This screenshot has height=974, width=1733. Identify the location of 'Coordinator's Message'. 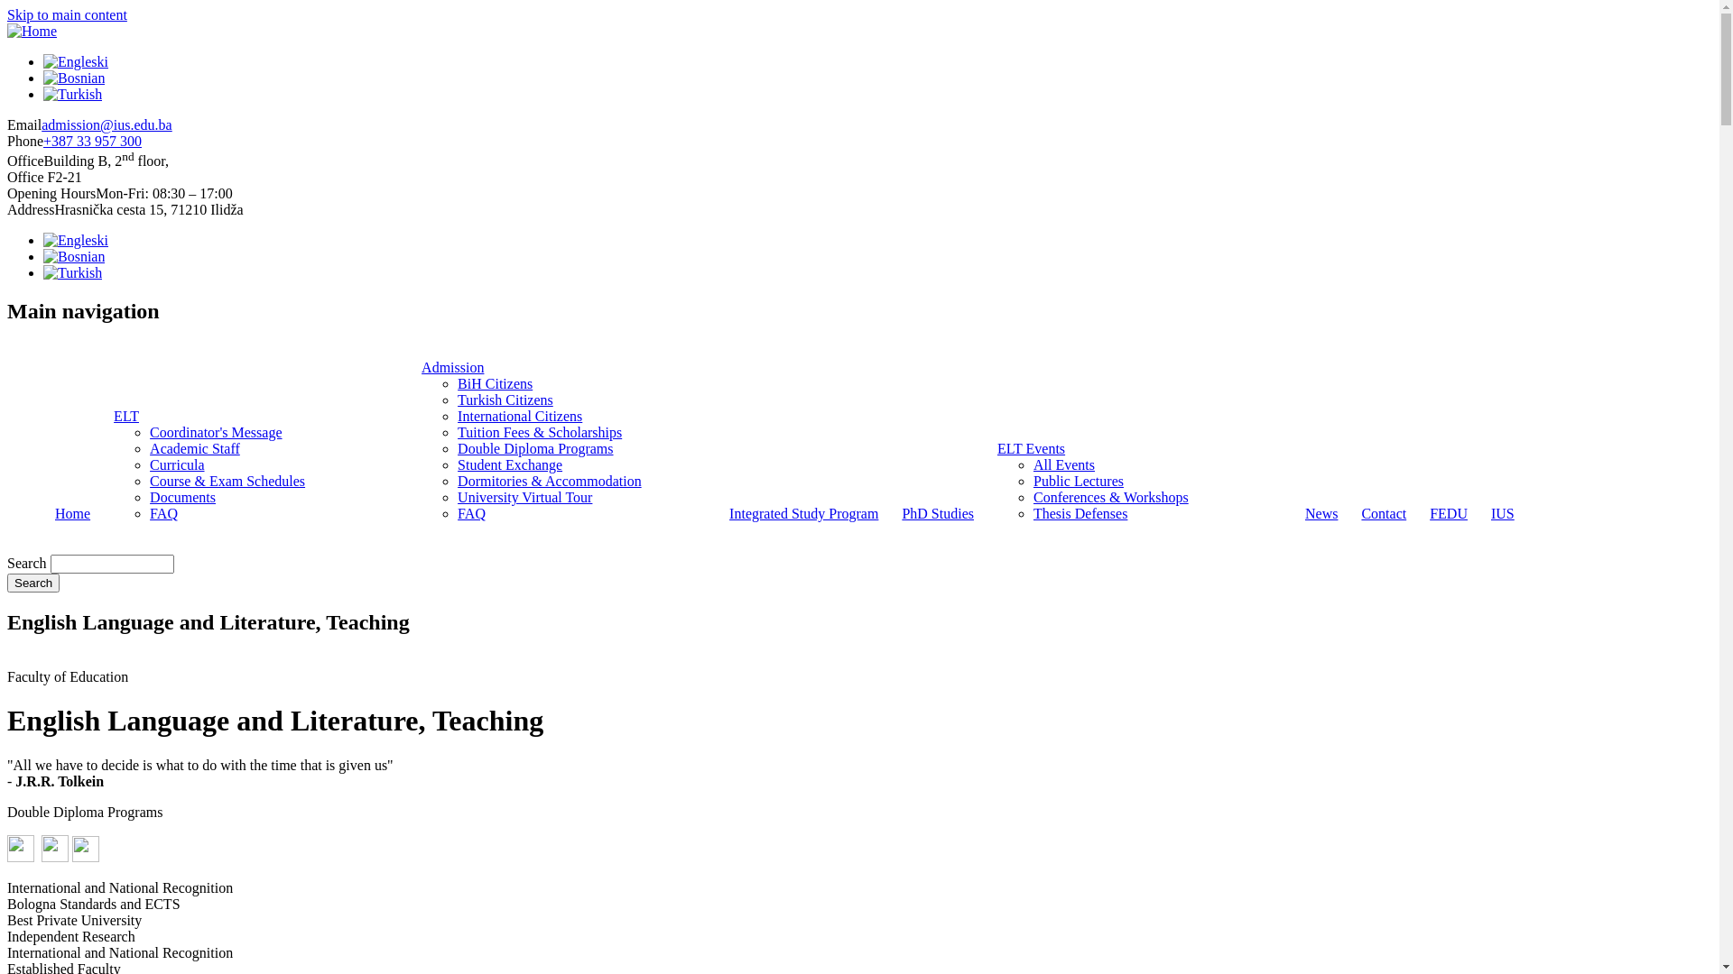
(216, 432).